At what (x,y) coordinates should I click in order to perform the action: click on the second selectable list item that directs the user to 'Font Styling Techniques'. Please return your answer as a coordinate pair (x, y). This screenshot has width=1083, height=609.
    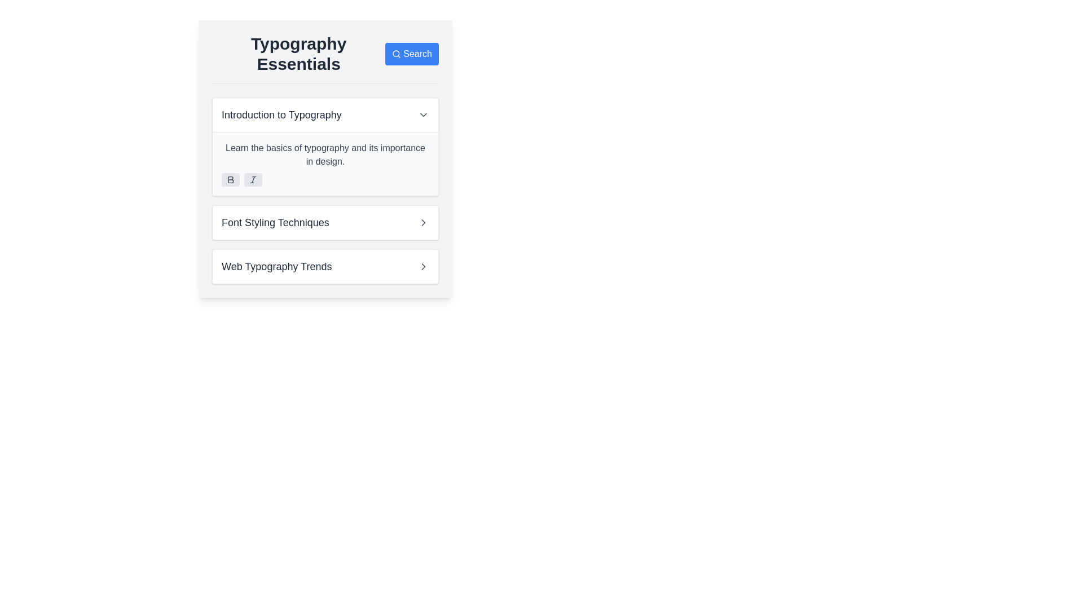
    Looking at the image, I should click on (324, 222).